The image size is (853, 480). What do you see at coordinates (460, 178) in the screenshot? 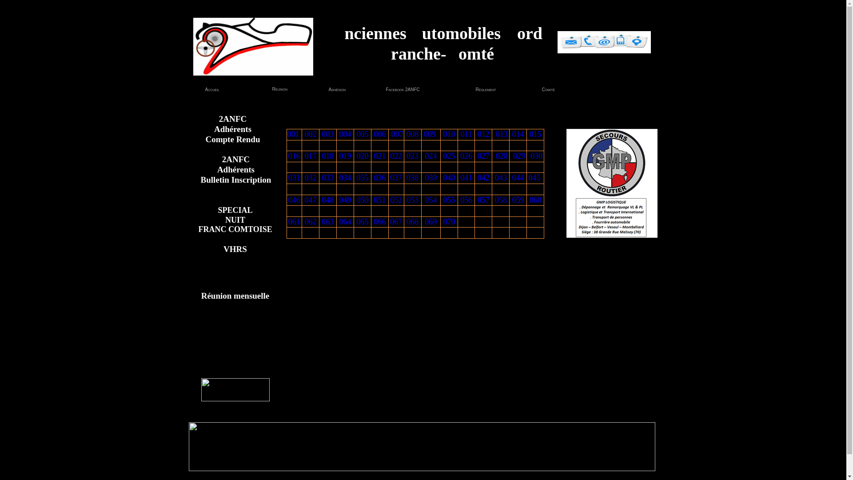
I see `'041'` at bounding box center [460, 178].